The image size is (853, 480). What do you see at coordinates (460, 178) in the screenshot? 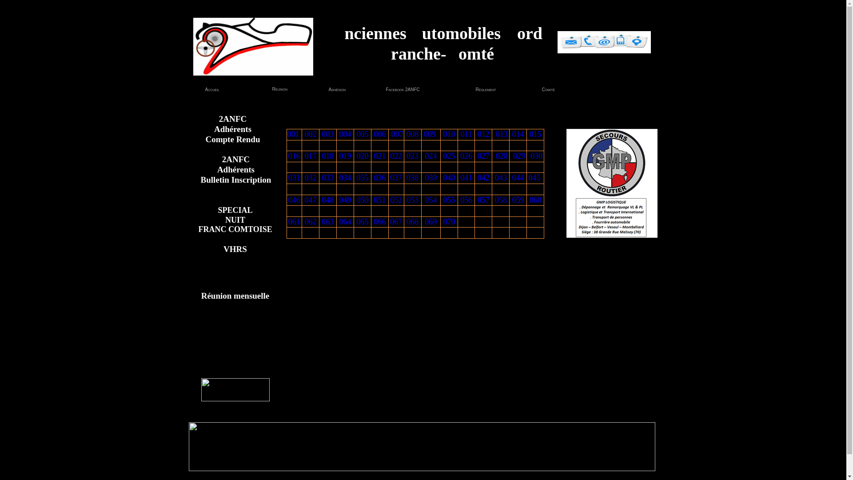
I see `'041'` at bounding box center [460, 178].